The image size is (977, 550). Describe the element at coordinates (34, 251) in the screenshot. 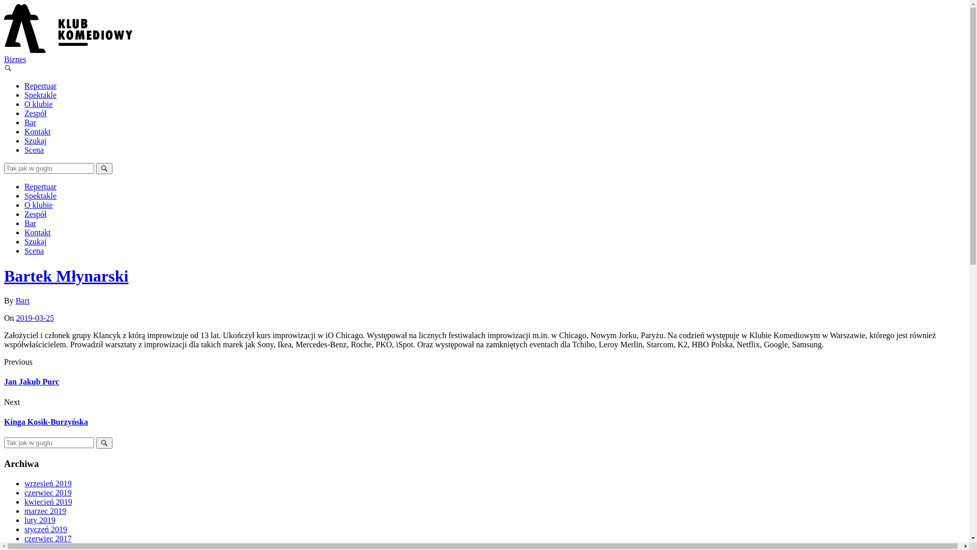

I see `'Scena'` at that location.